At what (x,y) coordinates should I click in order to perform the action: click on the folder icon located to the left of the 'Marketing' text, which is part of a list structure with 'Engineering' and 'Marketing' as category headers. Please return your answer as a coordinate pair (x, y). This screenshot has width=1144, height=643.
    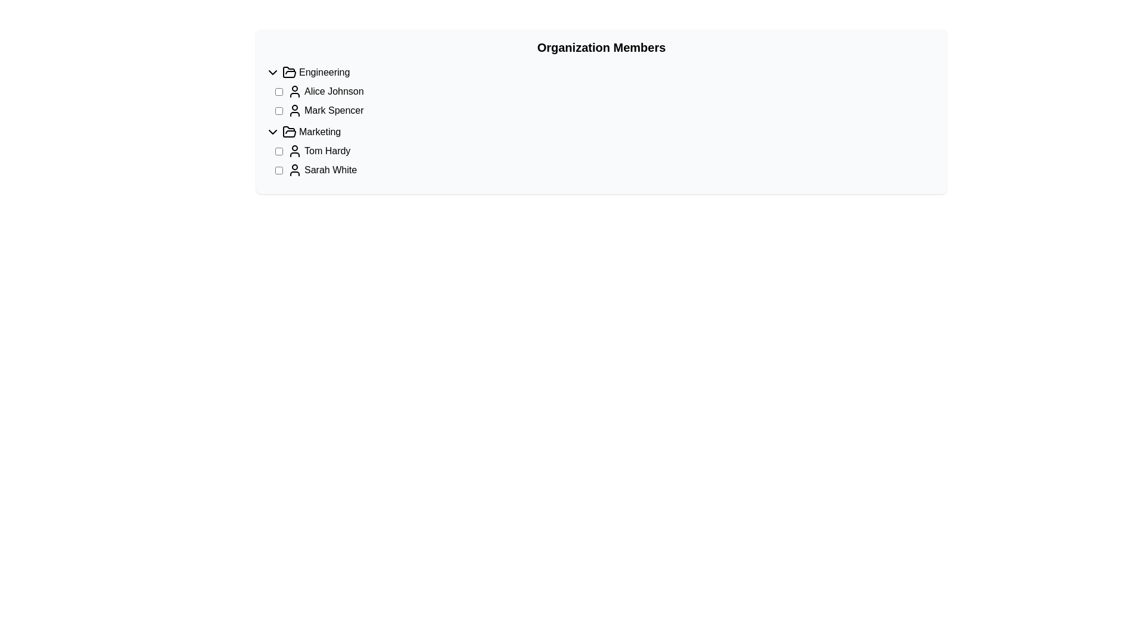
    Looking at the image, I should click on (289, 132).